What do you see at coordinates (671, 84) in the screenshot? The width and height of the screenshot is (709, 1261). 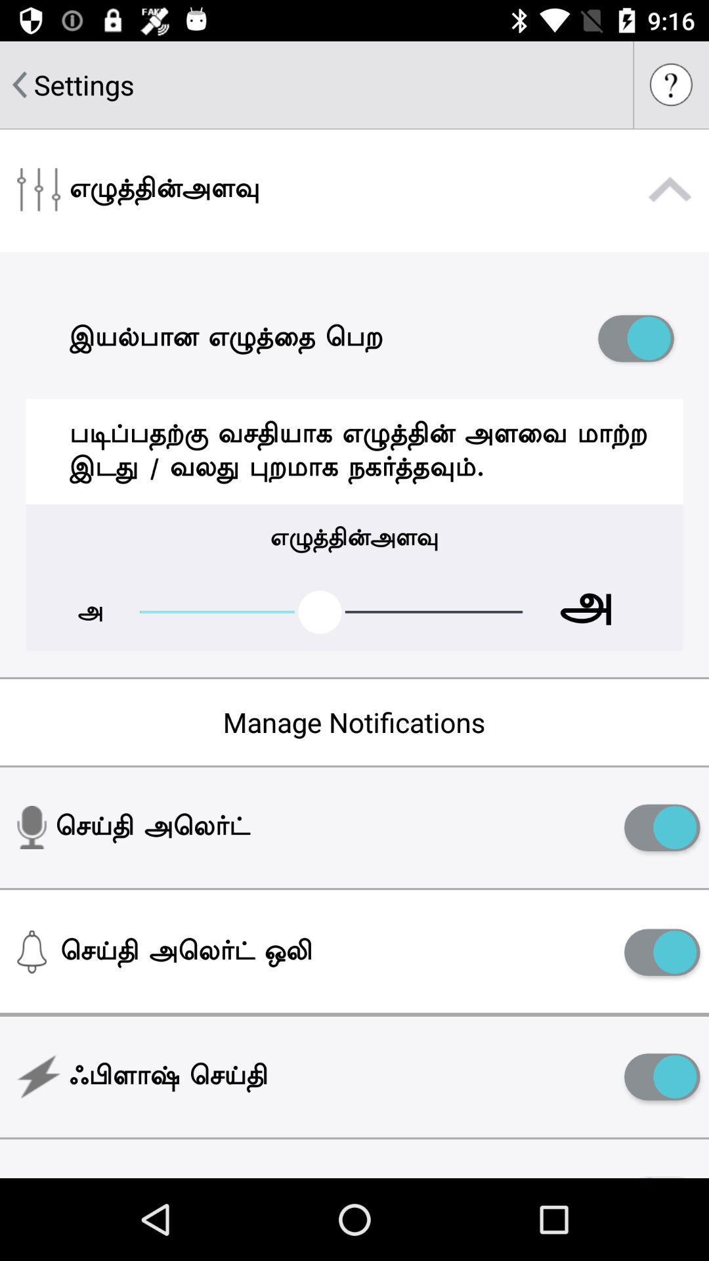 I see `the help icon` at bounding box center [671, 84].